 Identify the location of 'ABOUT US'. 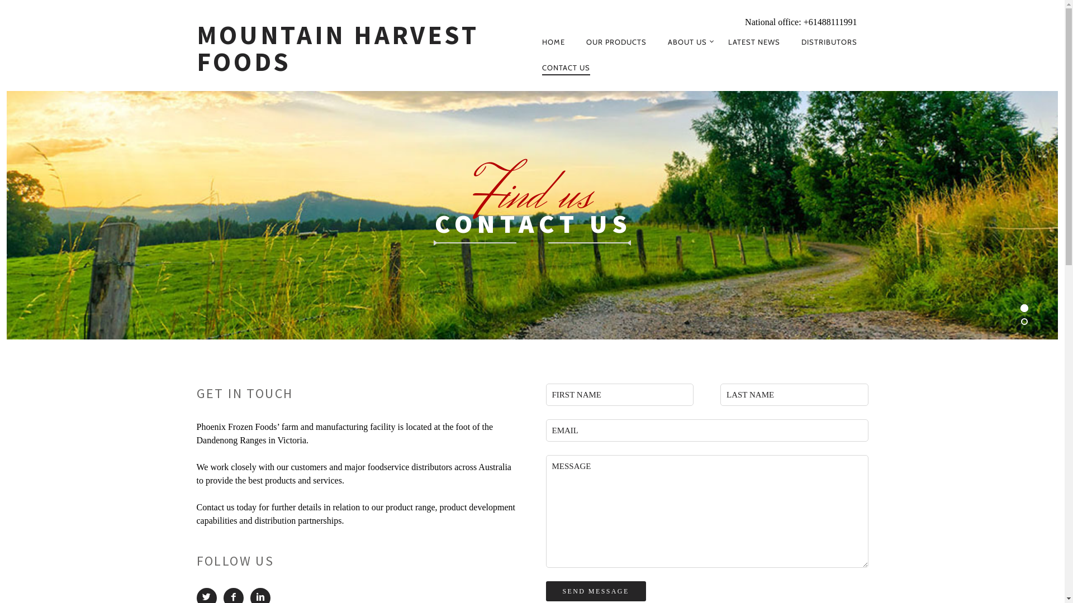
(686, 41).